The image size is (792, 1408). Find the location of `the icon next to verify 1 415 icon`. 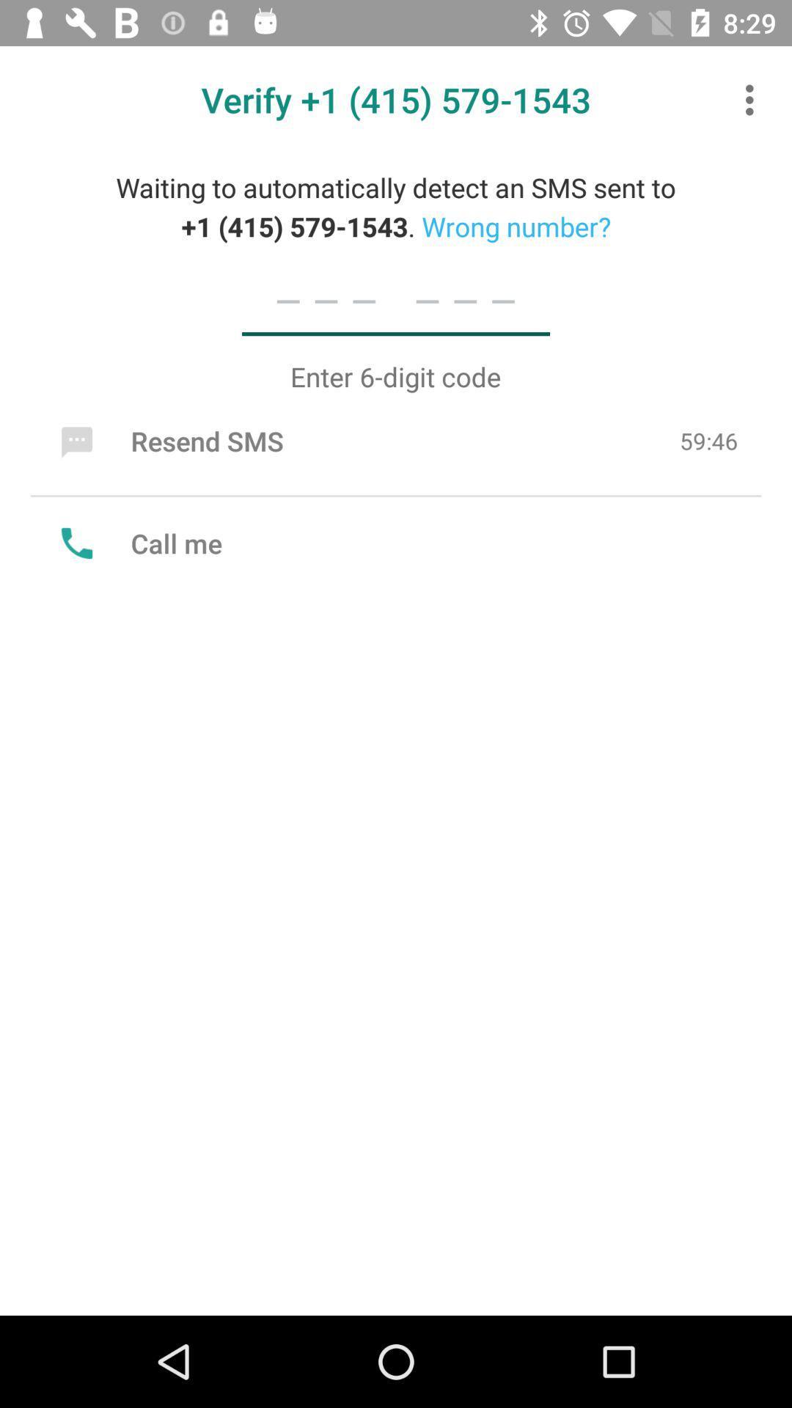

the icon next to verify 1 415 icon is located at coordinates (753, 99).